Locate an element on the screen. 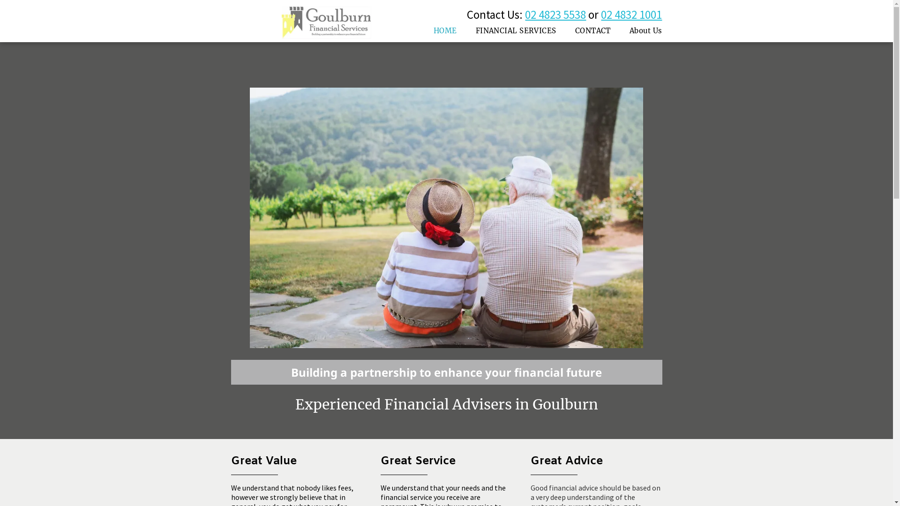 This screenshot has width=900, height=506. 'FINANCIAL SERVICES' is located at coordinates (515, 30).